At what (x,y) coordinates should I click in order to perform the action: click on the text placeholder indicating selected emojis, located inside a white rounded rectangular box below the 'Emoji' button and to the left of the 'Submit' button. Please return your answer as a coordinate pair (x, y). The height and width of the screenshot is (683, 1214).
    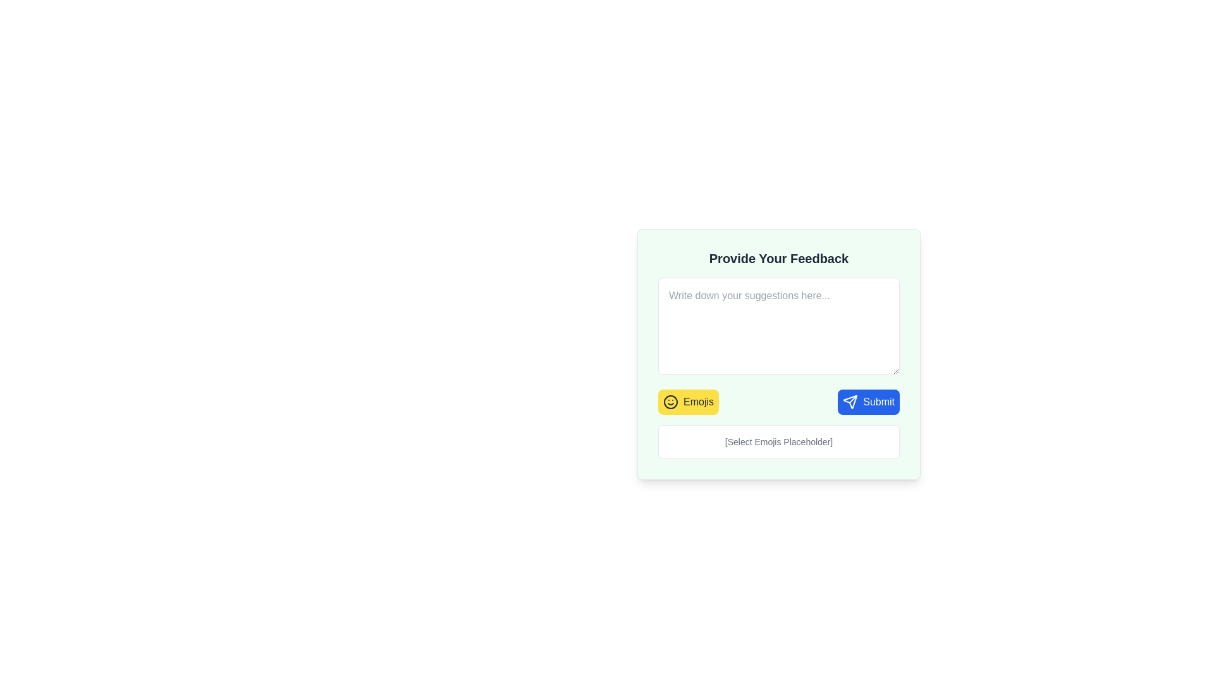
    Looking at the image, I should click on (778, 441).